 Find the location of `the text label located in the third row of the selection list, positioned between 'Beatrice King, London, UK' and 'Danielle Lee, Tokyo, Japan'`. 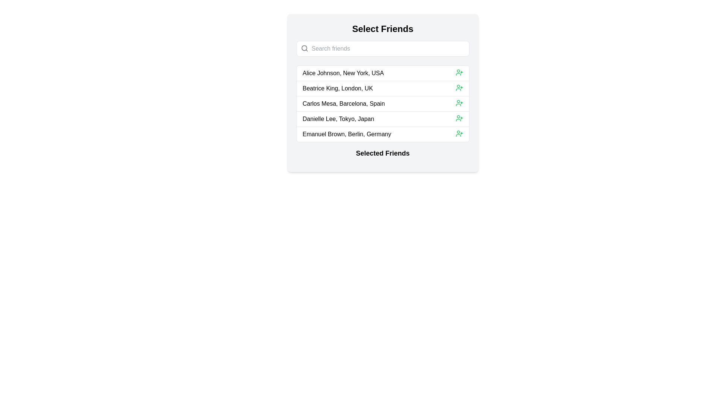

the text label located in the third row of the selection list, positioned between 'Beatrice King, London, UK' and 'Danielle Lee, Tokyo, Japan' is located at coordinates (343, 103).